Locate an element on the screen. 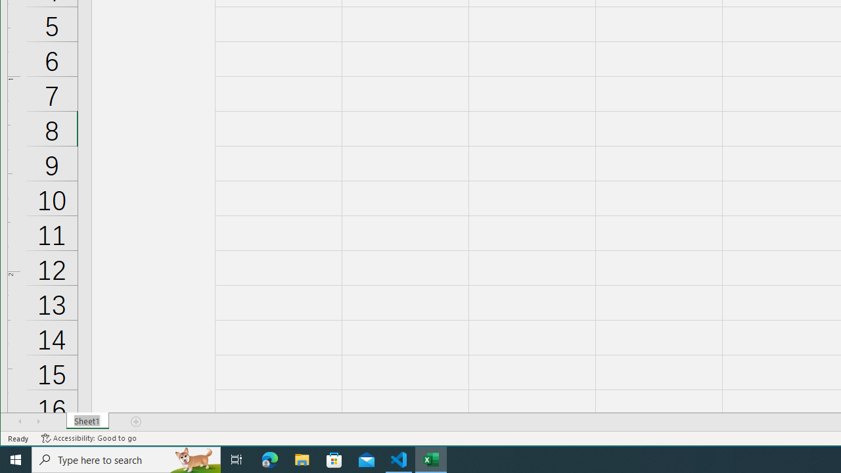 The image size is (841, 473). 'Microsoft Store' is located at coordinates (334, 459).